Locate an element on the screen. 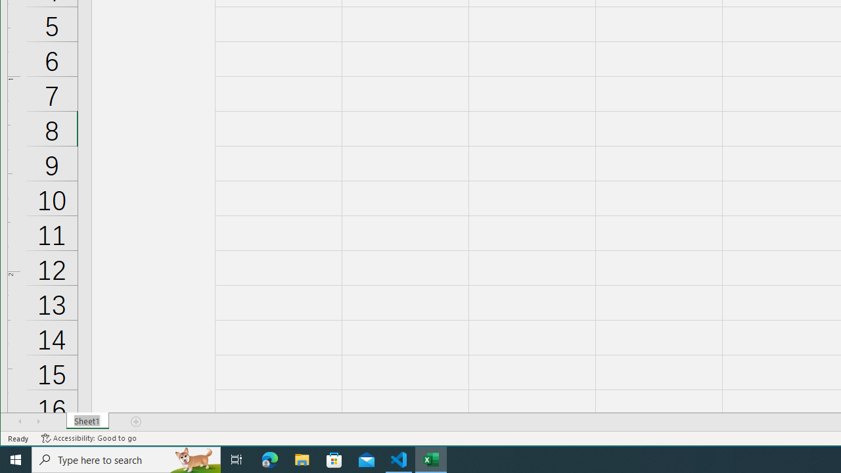 The image size is (841, 473). 'Microsoft Store' is located at coordinates (334, 459).